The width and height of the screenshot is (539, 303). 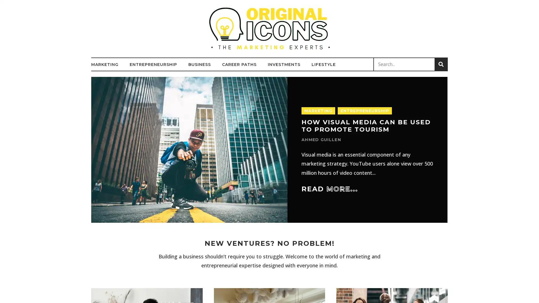 I want to click on Search, so click(x=440, y=64).